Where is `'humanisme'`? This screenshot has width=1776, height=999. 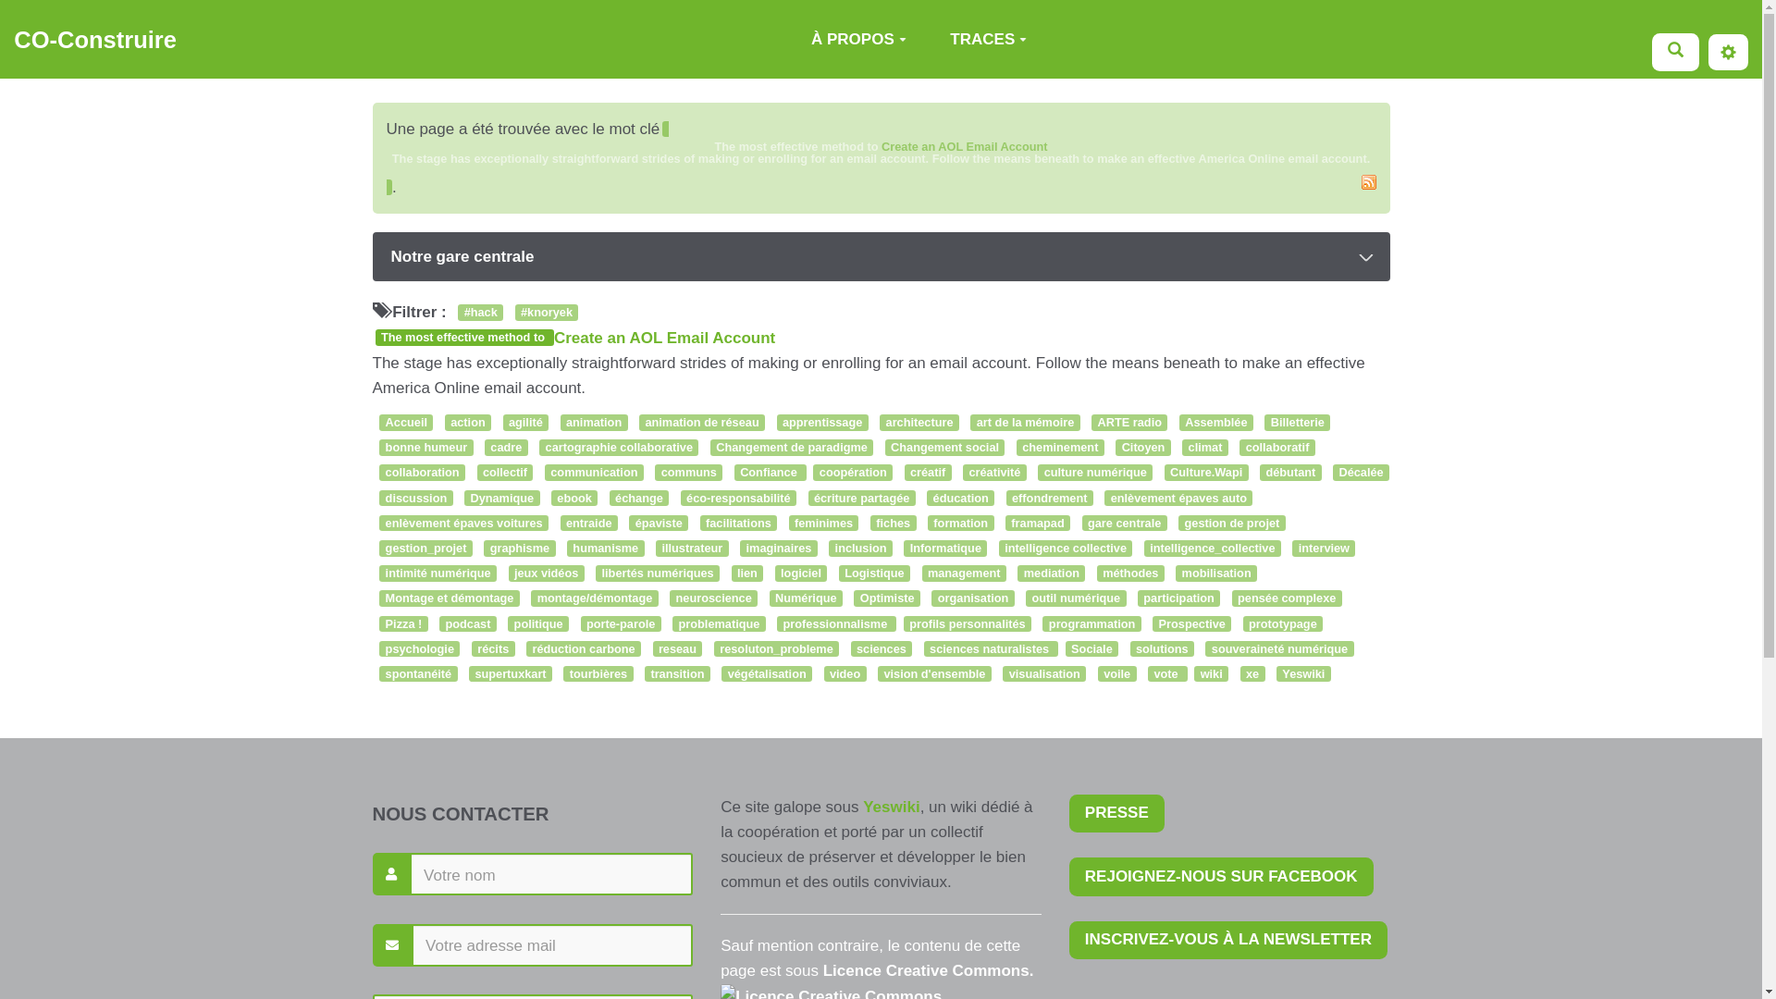
'humanisme' is located at coordinates (566, 548).